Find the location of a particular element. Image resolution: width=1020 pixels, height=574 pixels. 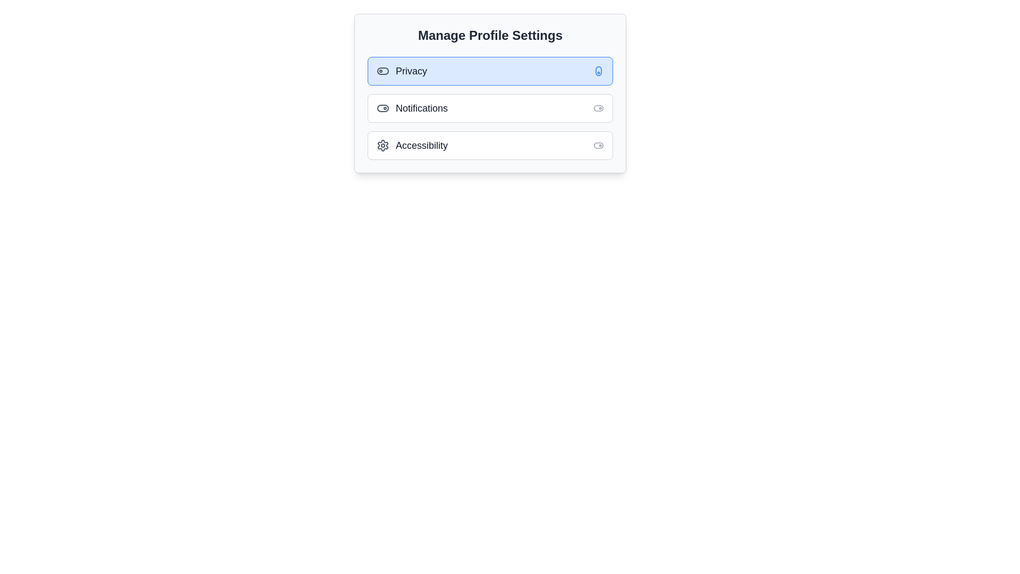

the gear-shaped icon representing 'Accessibility' settings is located at coordinates (382, 145).